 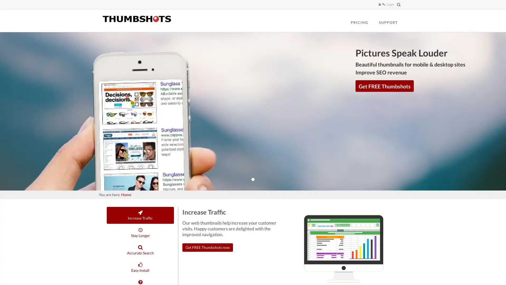 I want to click on Get FREE Thumbshots, so click(x=385, y=85).